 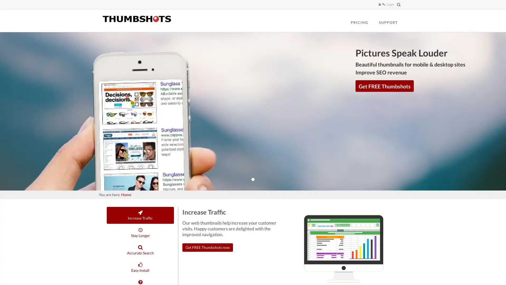 I want to click on Get FREE Thumbshots, so click(x=385, y=85).